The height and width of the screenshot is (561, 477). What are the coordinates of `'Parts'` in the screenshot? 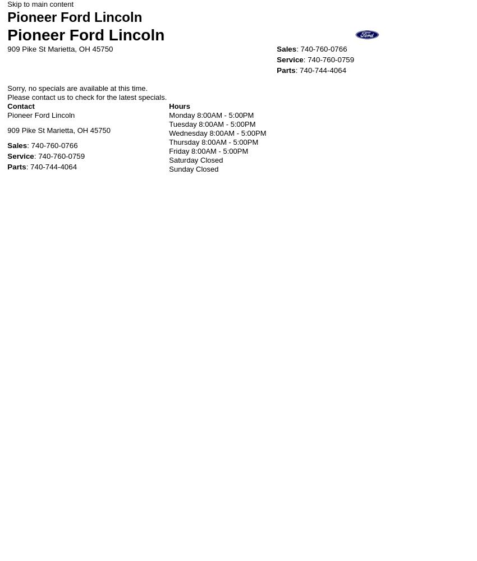 It's located at (286, 70).